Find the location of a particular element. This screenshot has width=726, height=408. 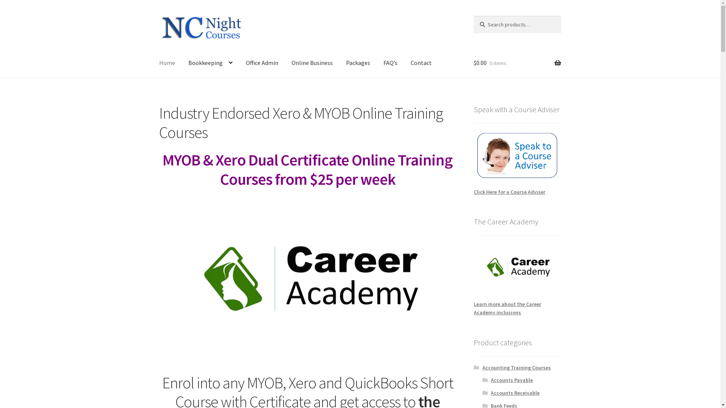

'Accounting Training Courses' is located at coordinates (482, 367).